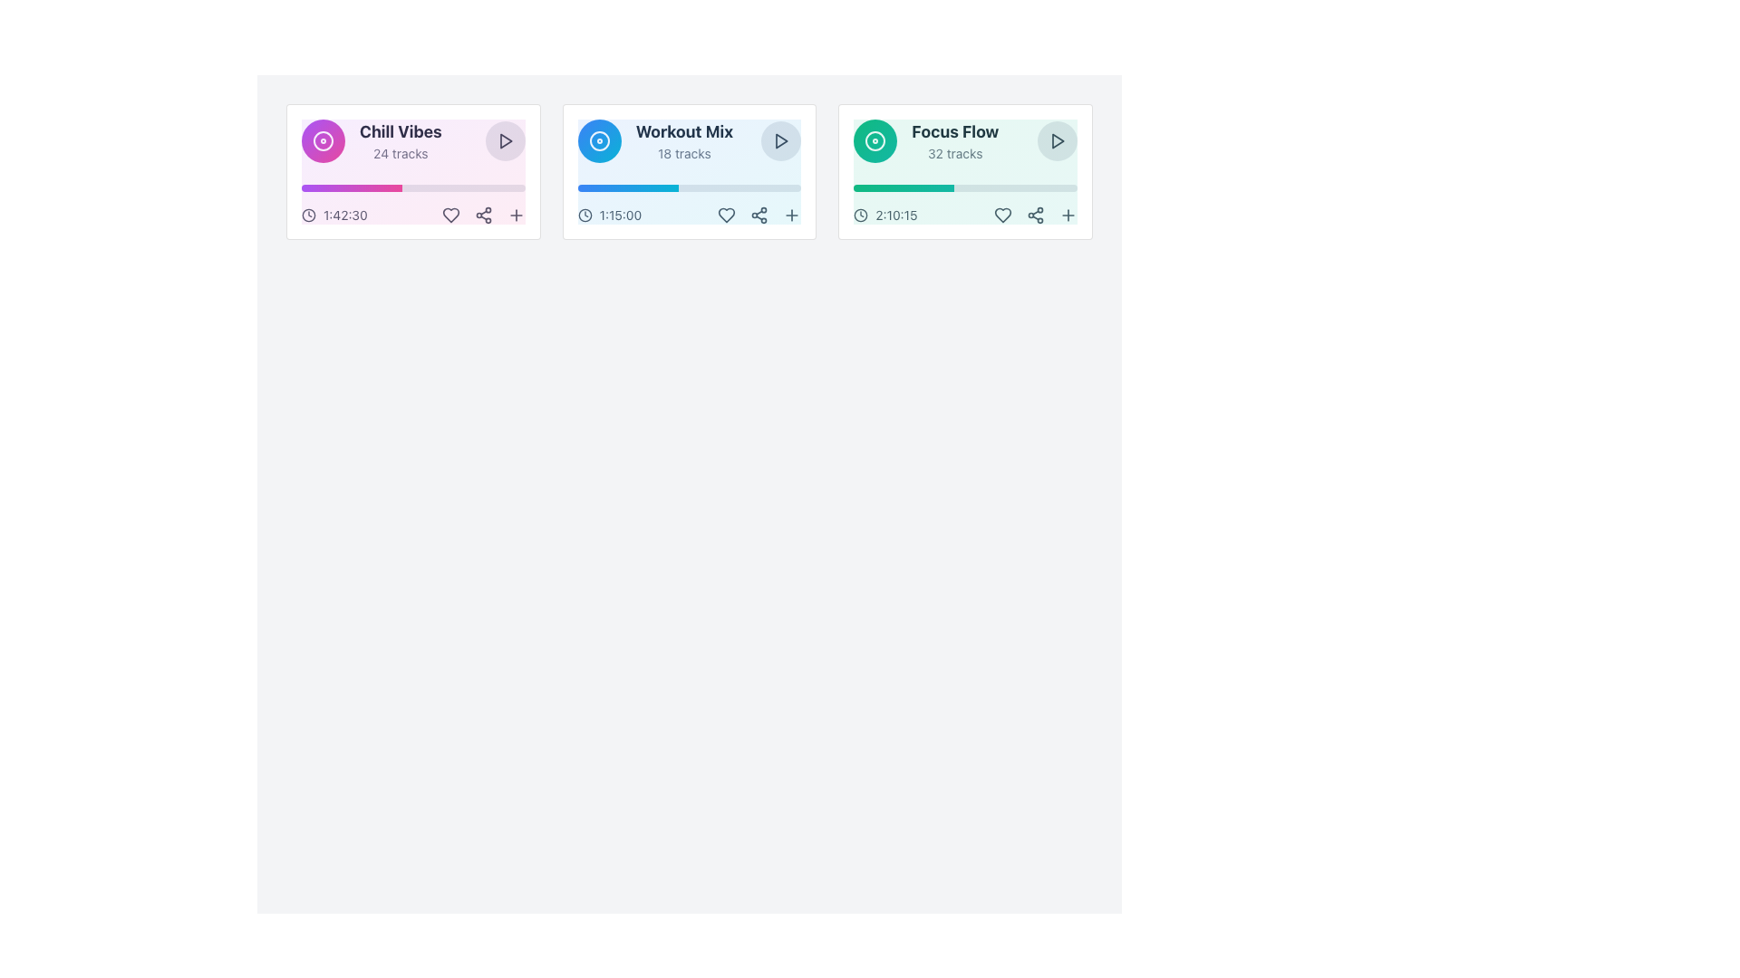 This screenshot has width=1740, height=978. What do you see at coordinates (964, 171) in the screenshot?
I see `the 'Focus Flow' card, which is the third card in a horizontal list, to select it` at bounding box center [964, 171].